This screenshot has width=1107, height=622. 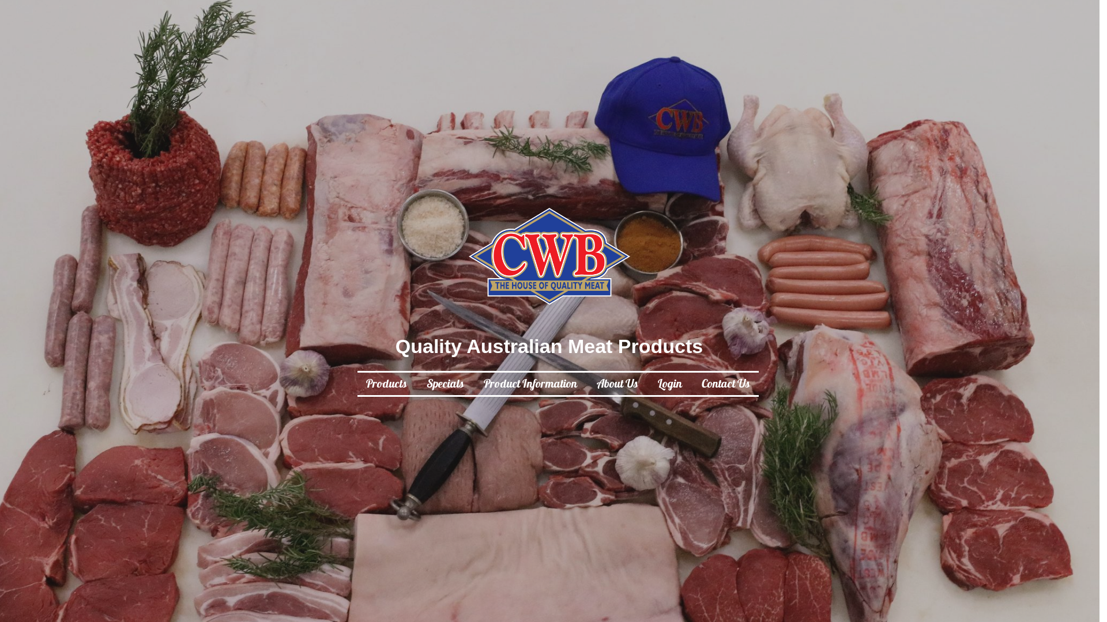 I want to click on 'About Us', so click(x=616, y=385).